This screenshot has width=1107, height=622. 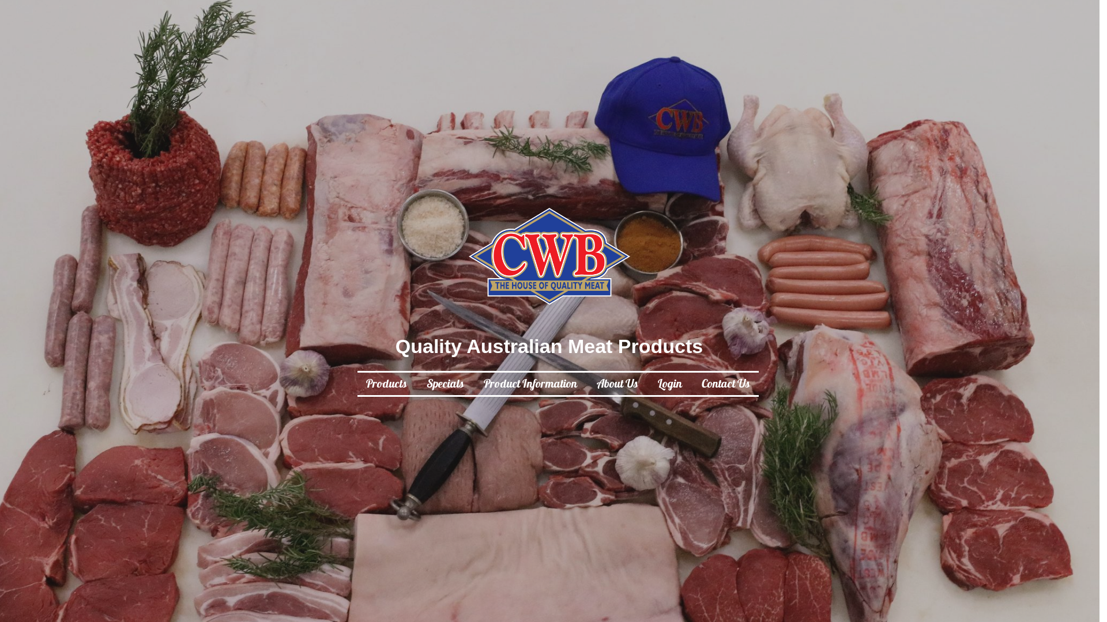 I want to click on 'About Us', so click(x=616, y=385).